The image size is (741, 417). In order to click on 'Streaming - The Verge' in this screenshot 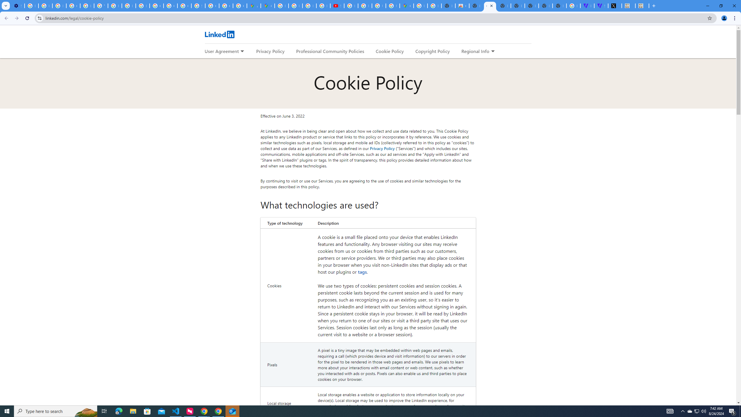, I will do `click(601, 6)`.